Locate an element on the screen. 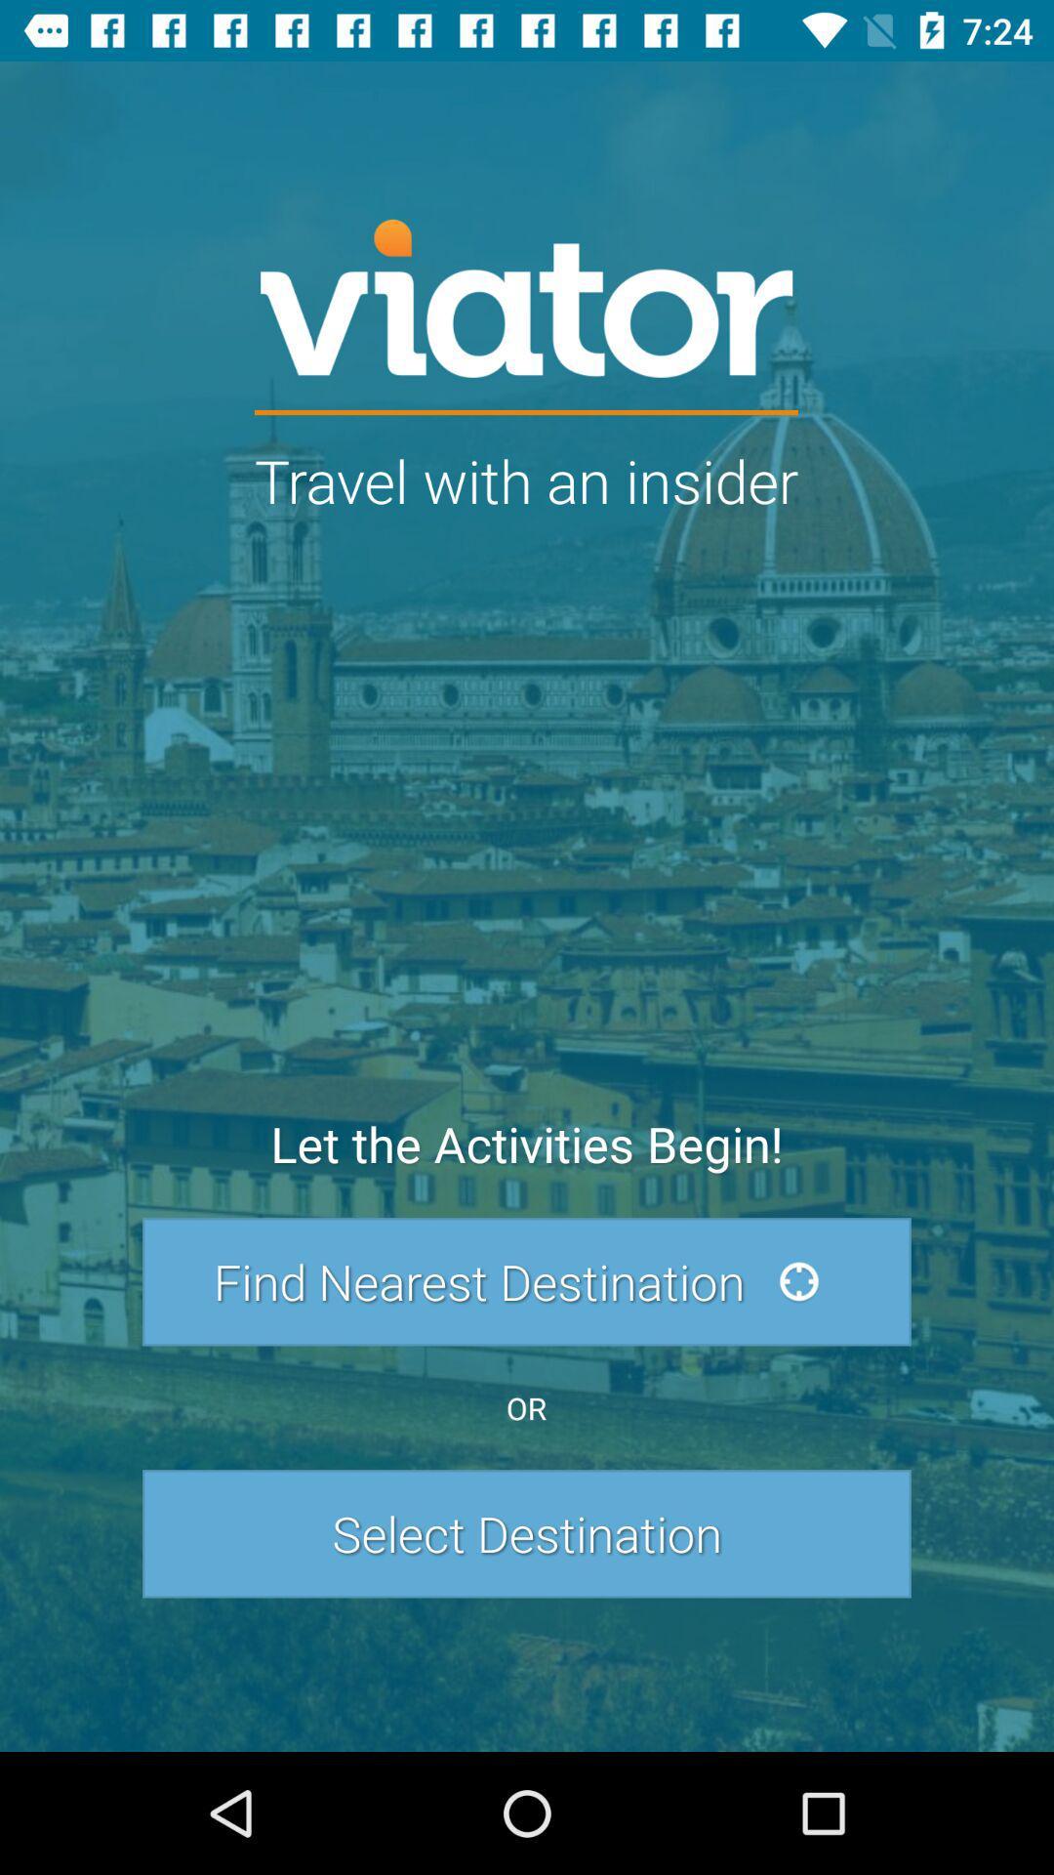 This screenshot has height=1875, width=1054. the select destination is located at coordinates (527, 1532).